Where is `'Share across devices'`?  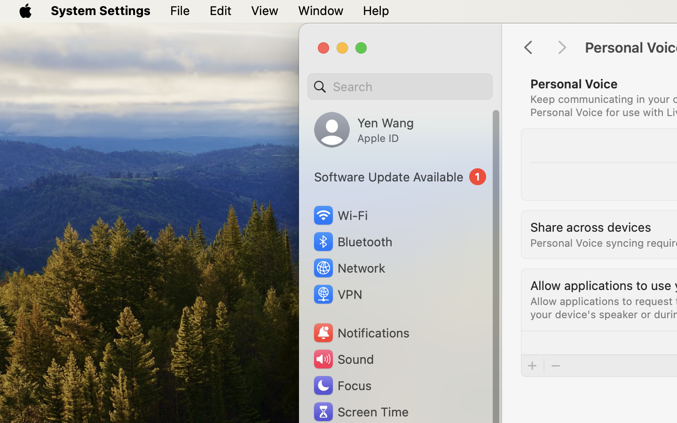
'Share across devices' is located at coordinates (590, 226).